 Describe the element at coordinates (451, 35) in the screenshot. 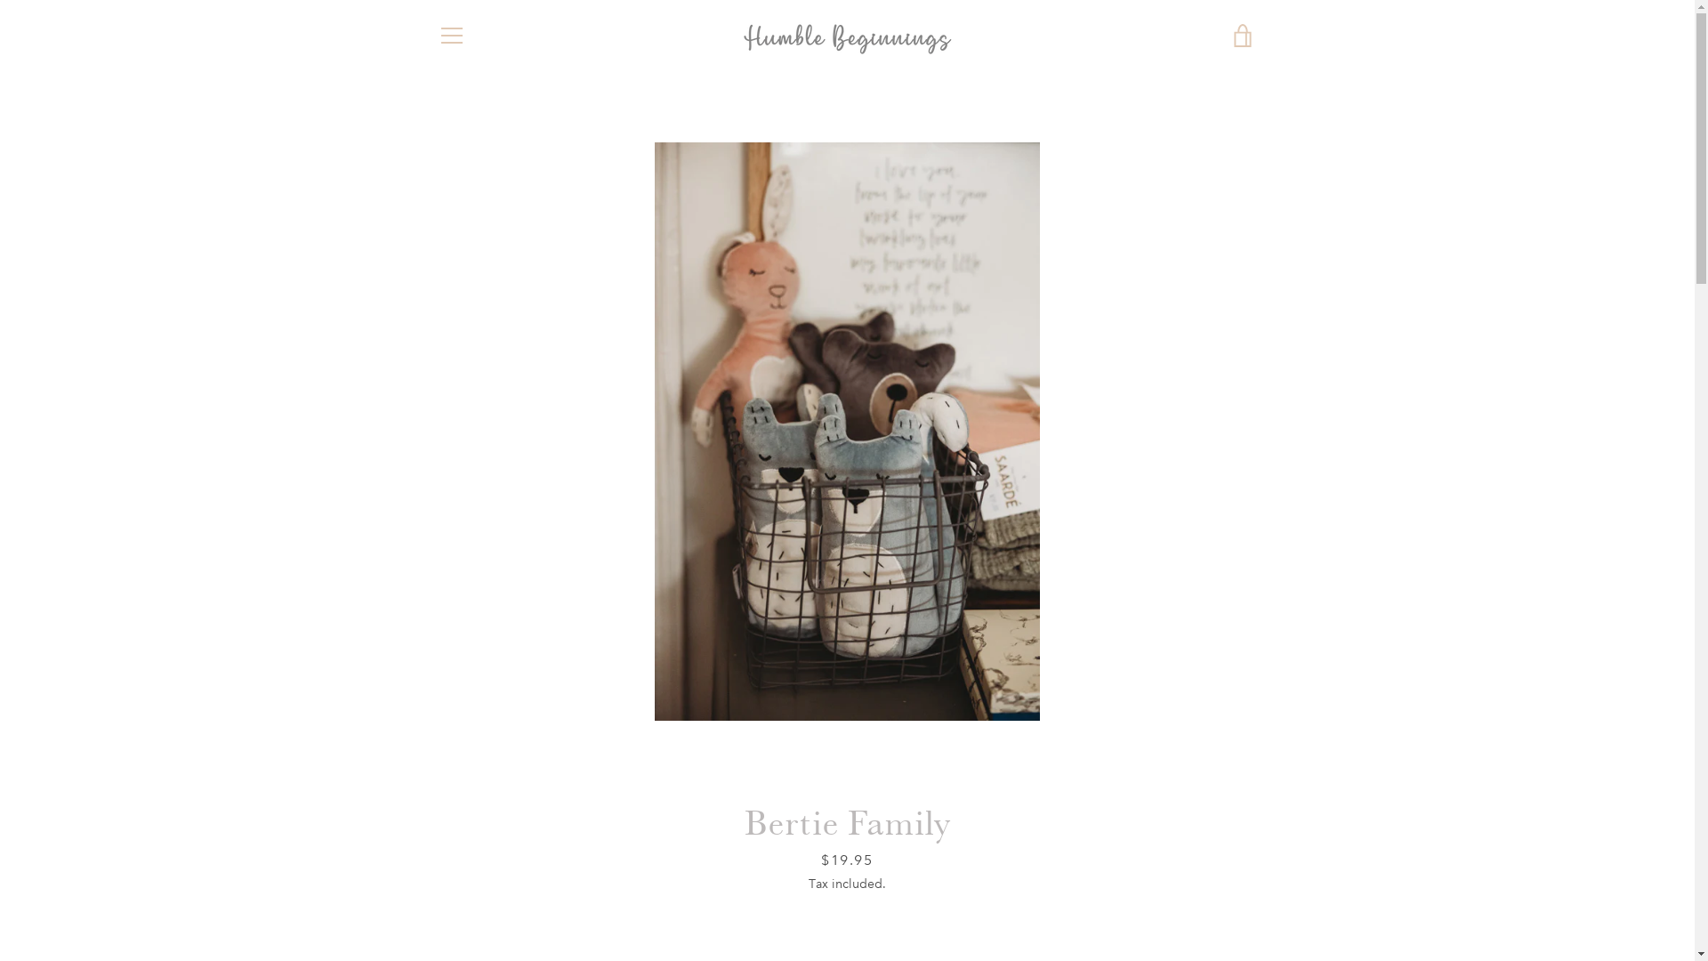

I see `'MENU'` at that location.